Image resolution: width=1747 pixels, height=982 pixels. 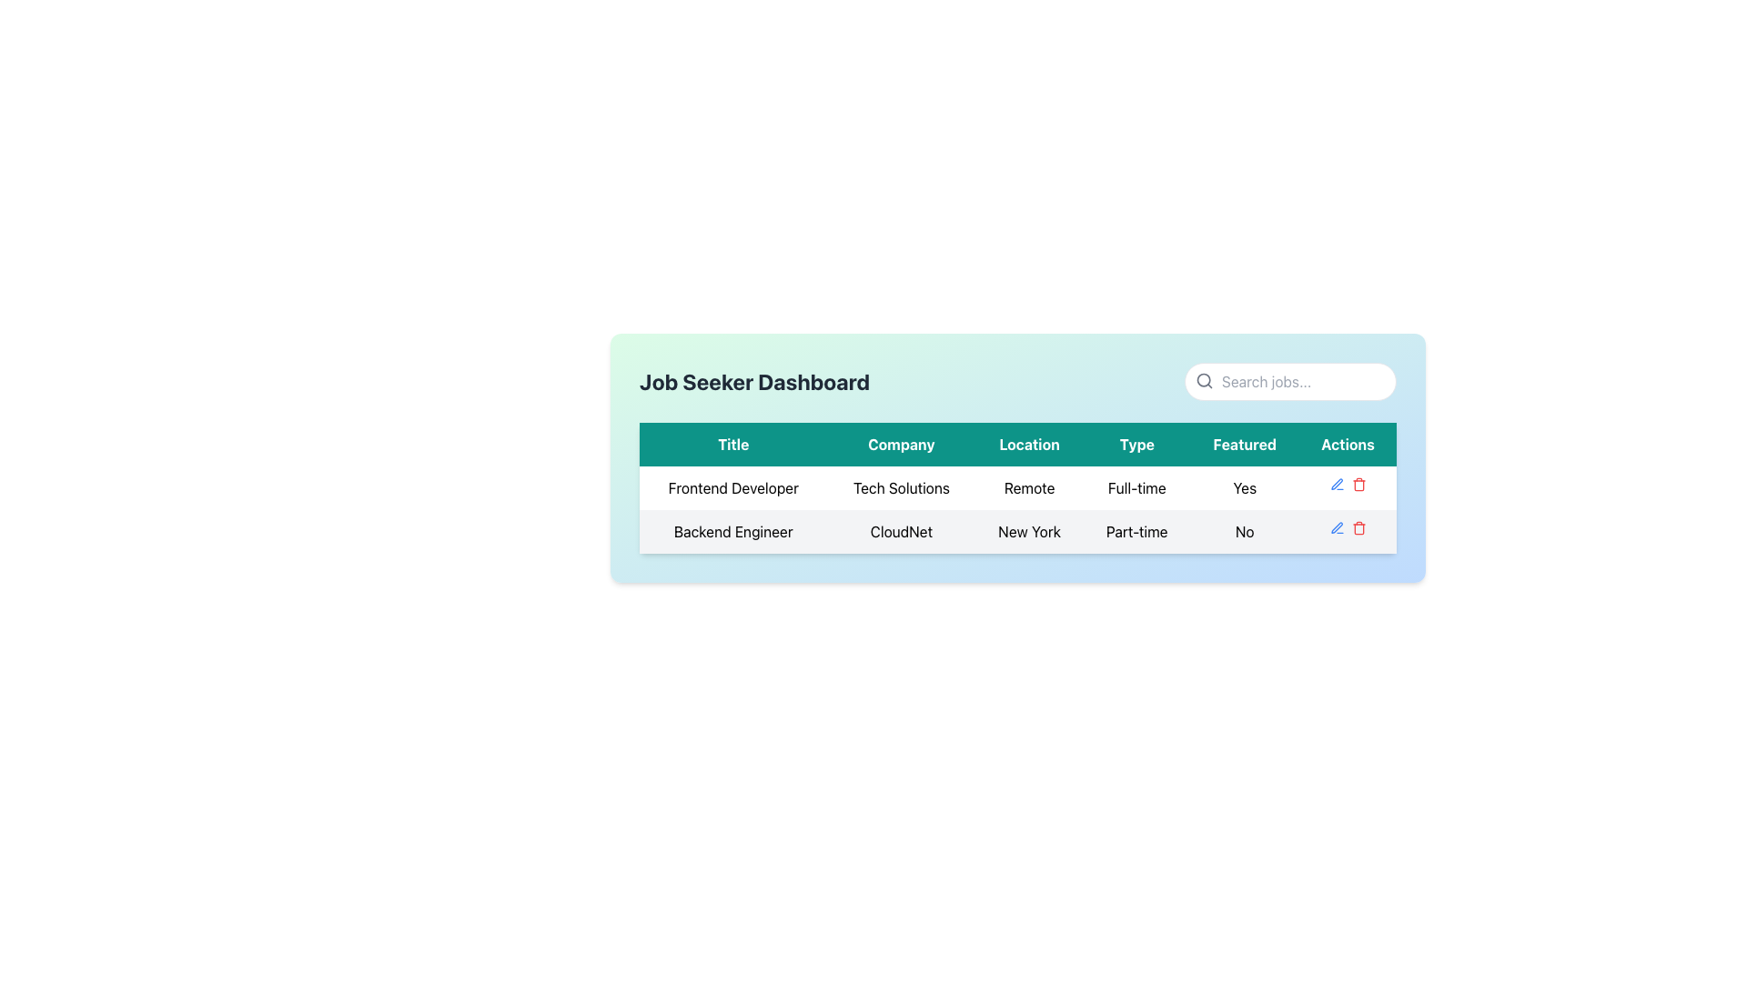 I want to click on the 'Company' table header element, so click(x=901, y=445).